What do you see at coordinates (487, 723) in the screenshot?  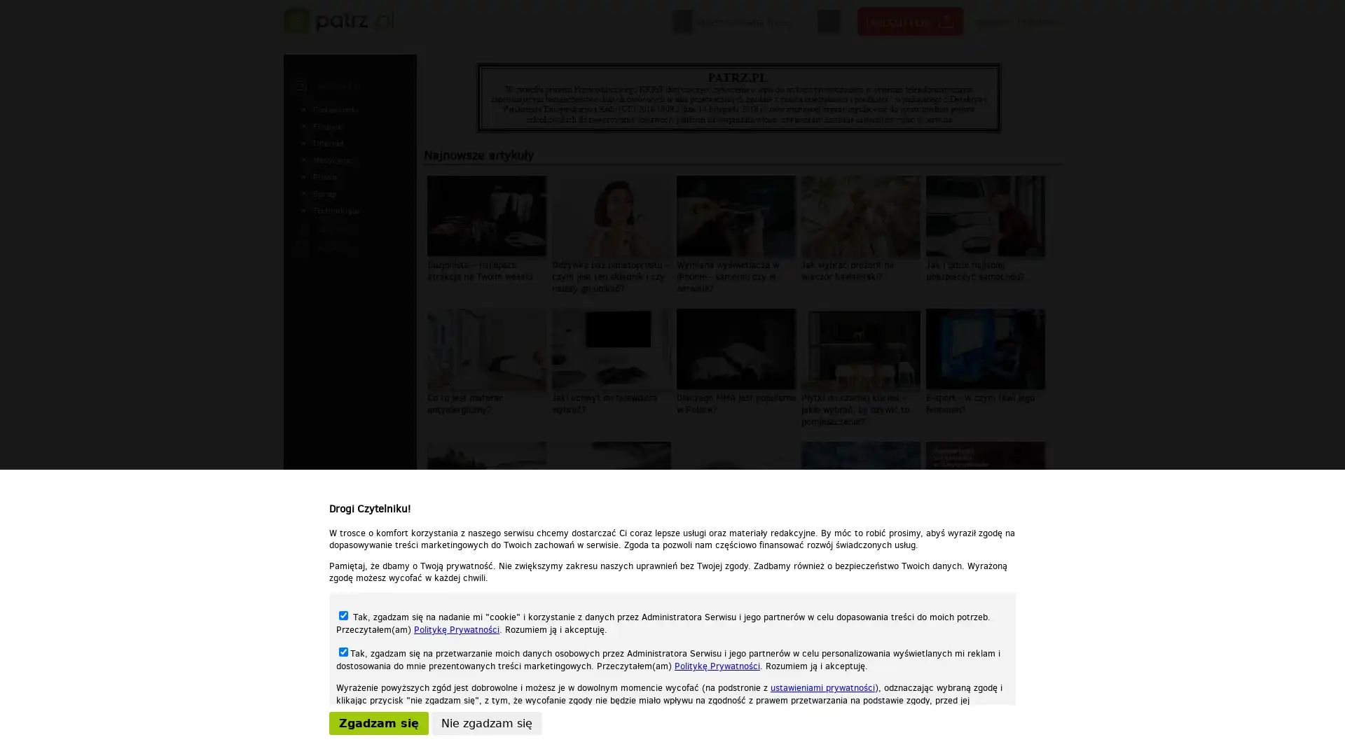 I see `Nie zgadzam sie` at bounding box center [487, 723].